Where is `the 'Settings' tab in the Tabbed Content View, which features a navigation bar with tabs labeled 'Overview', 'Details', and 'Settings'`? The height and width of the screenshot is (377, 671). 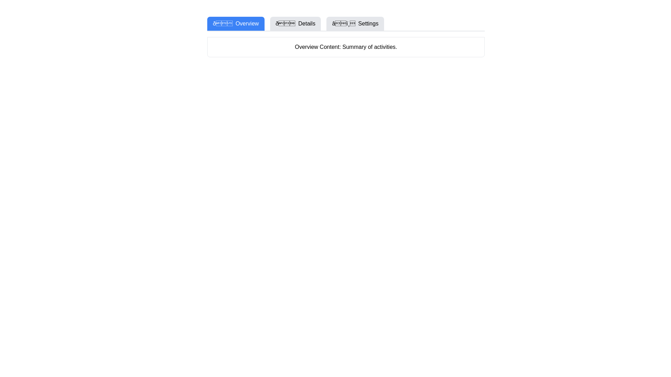
the 'Settings' tab in the Tabbed Content View, which features a navigation bar with tabs labeled 'Overview', 'Details', and 'Settings' is located at coordinates (346, 37).